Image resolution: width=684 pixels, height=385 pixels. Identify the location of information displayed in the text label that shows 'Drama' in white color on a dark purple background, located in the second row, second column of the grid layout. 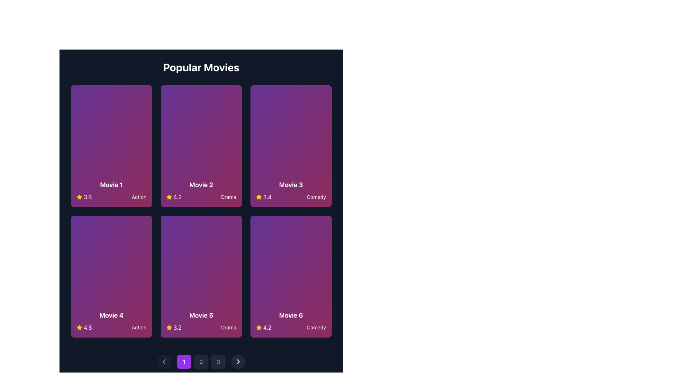
(228, 197).